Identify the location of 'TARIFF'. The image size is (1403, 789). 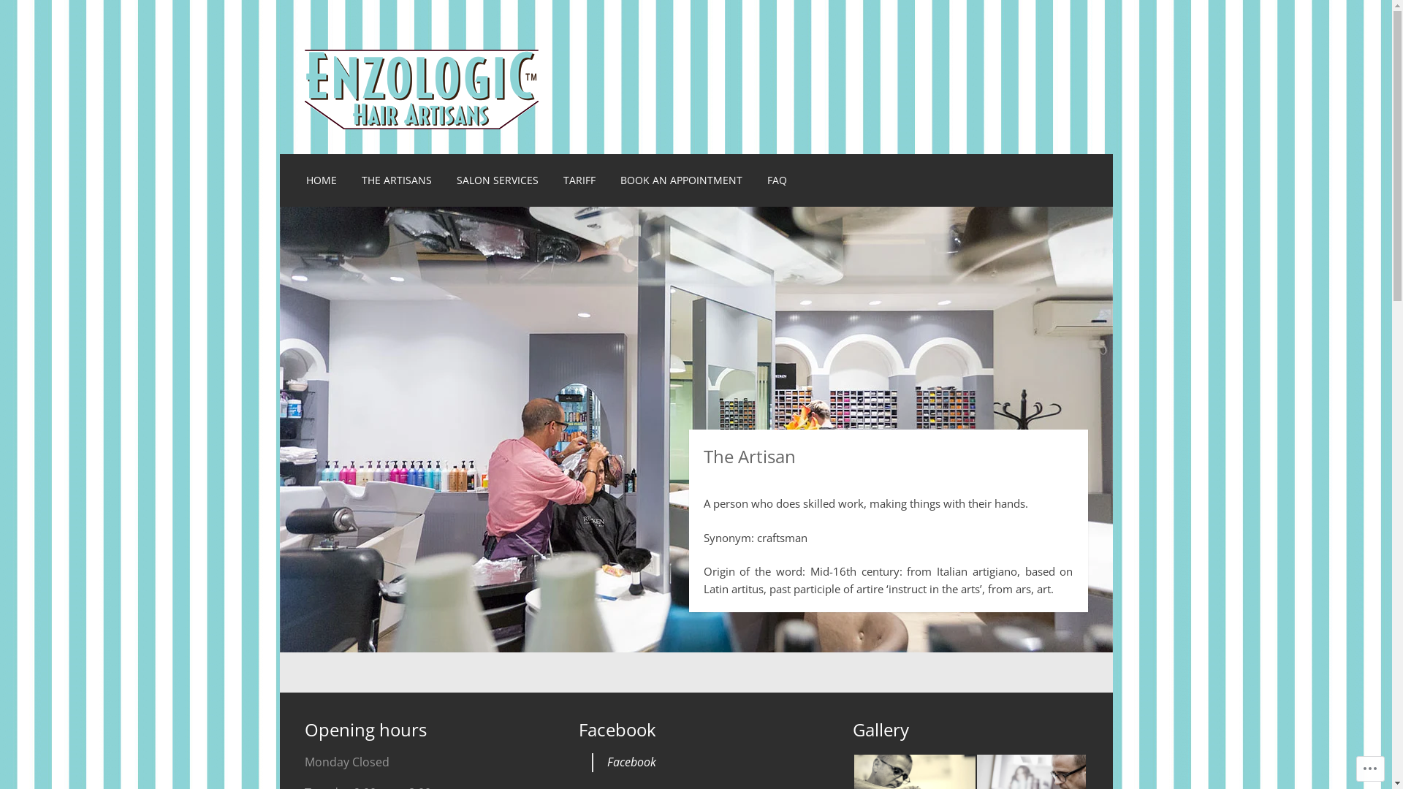
(578, 179).